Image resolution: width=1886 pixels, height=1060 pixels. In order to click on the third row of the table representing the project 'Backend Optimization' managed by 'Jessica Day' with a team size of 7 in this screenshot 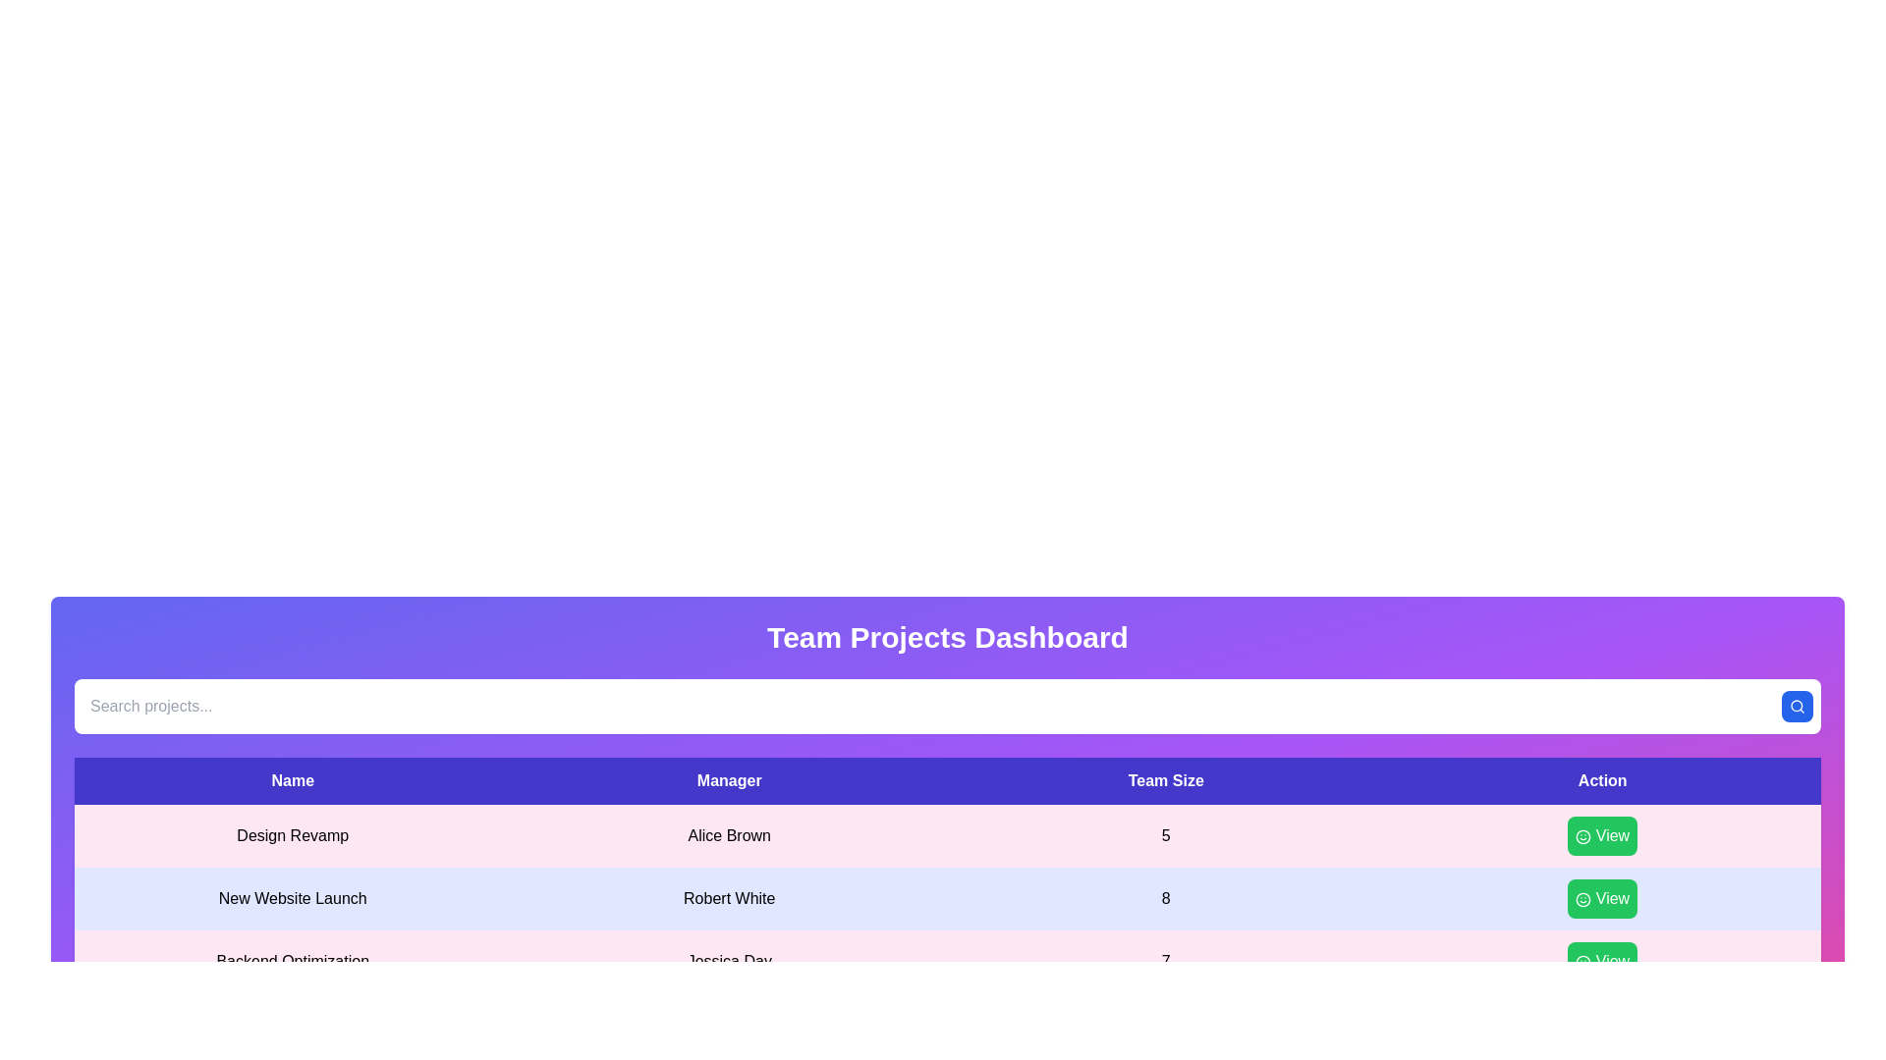, I will do `click(947, 960)`.